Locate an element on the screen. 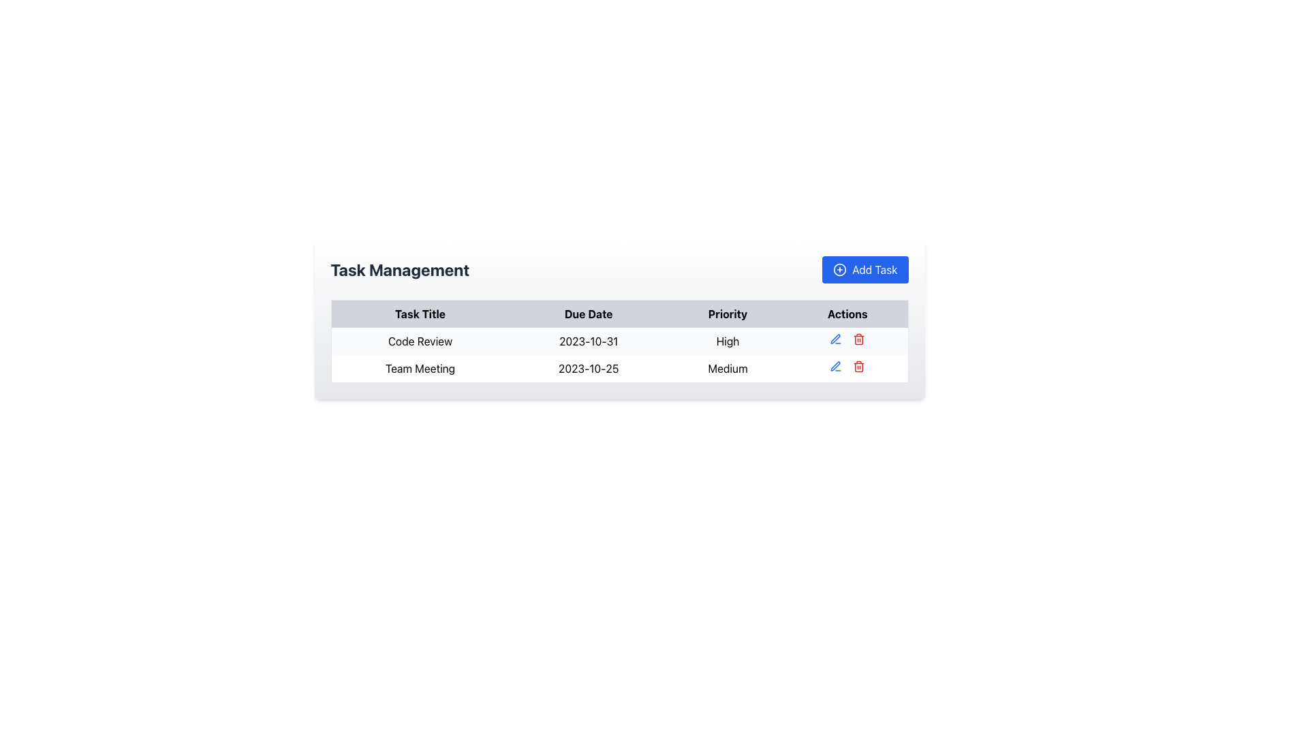  the trash bin icon's main body section, which is a vertical rectangular shape with rounded corners and hollow interior, styled in a minimalistic outline format is located at coordinates (858, 339).